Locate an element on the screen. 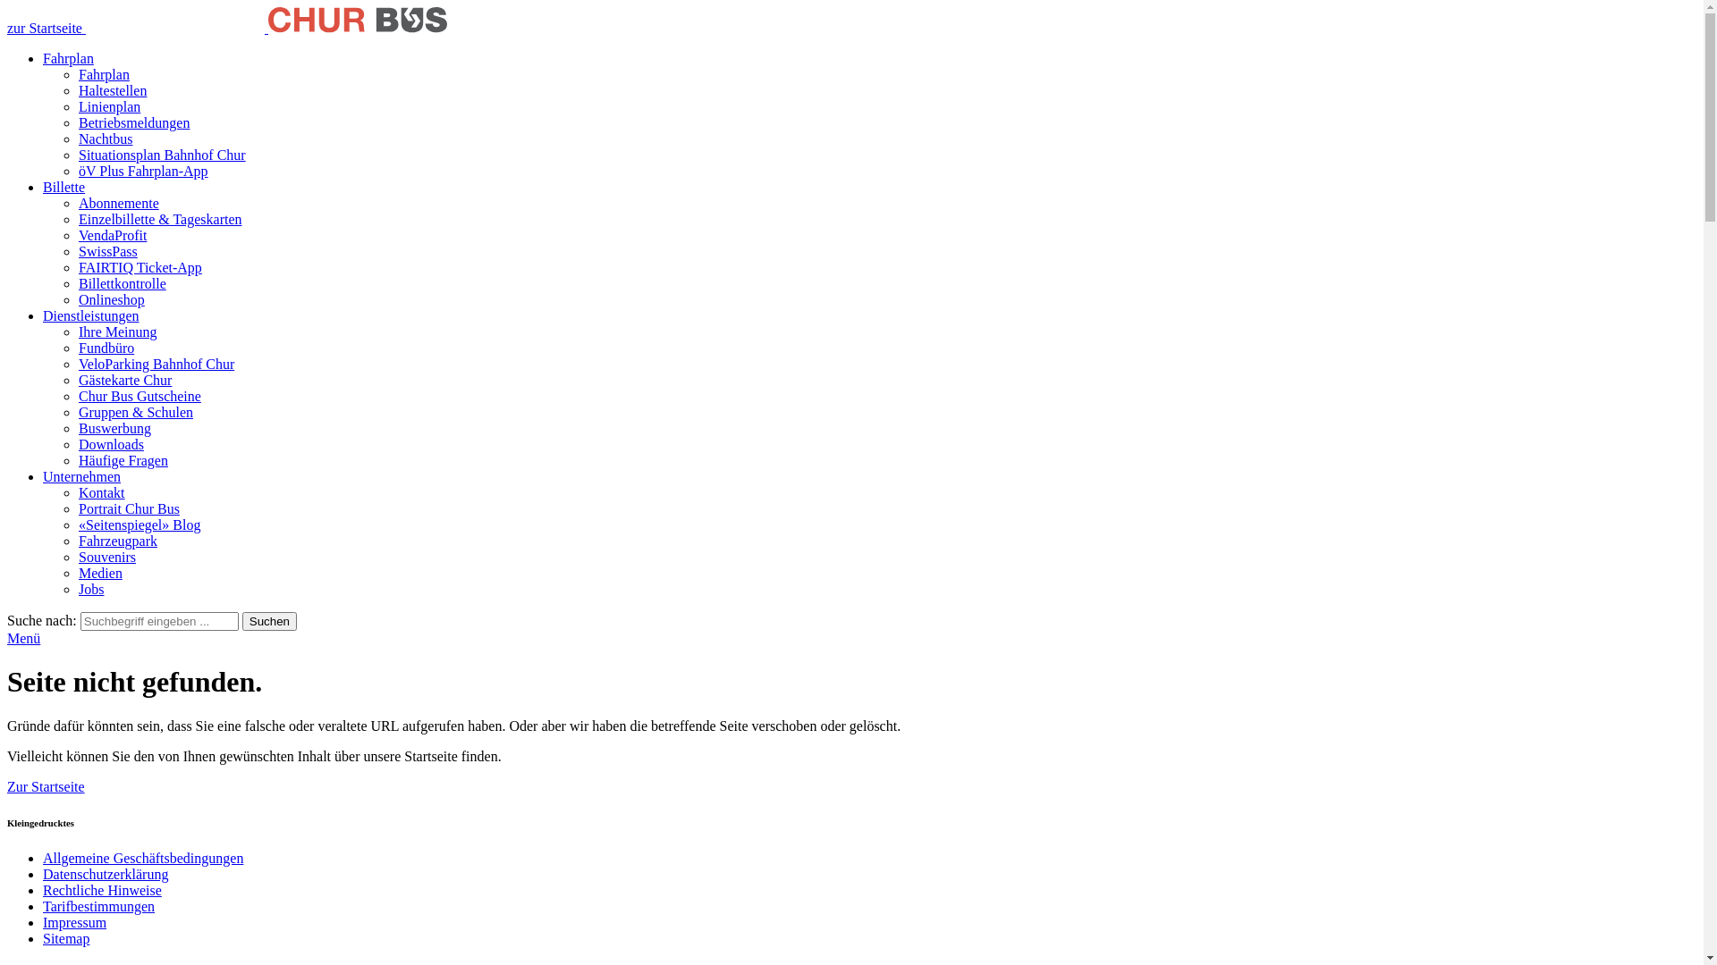 The height and width of the screenshot is (965, 1717). 'Unternehmen' is located at coordinates (80, 475).